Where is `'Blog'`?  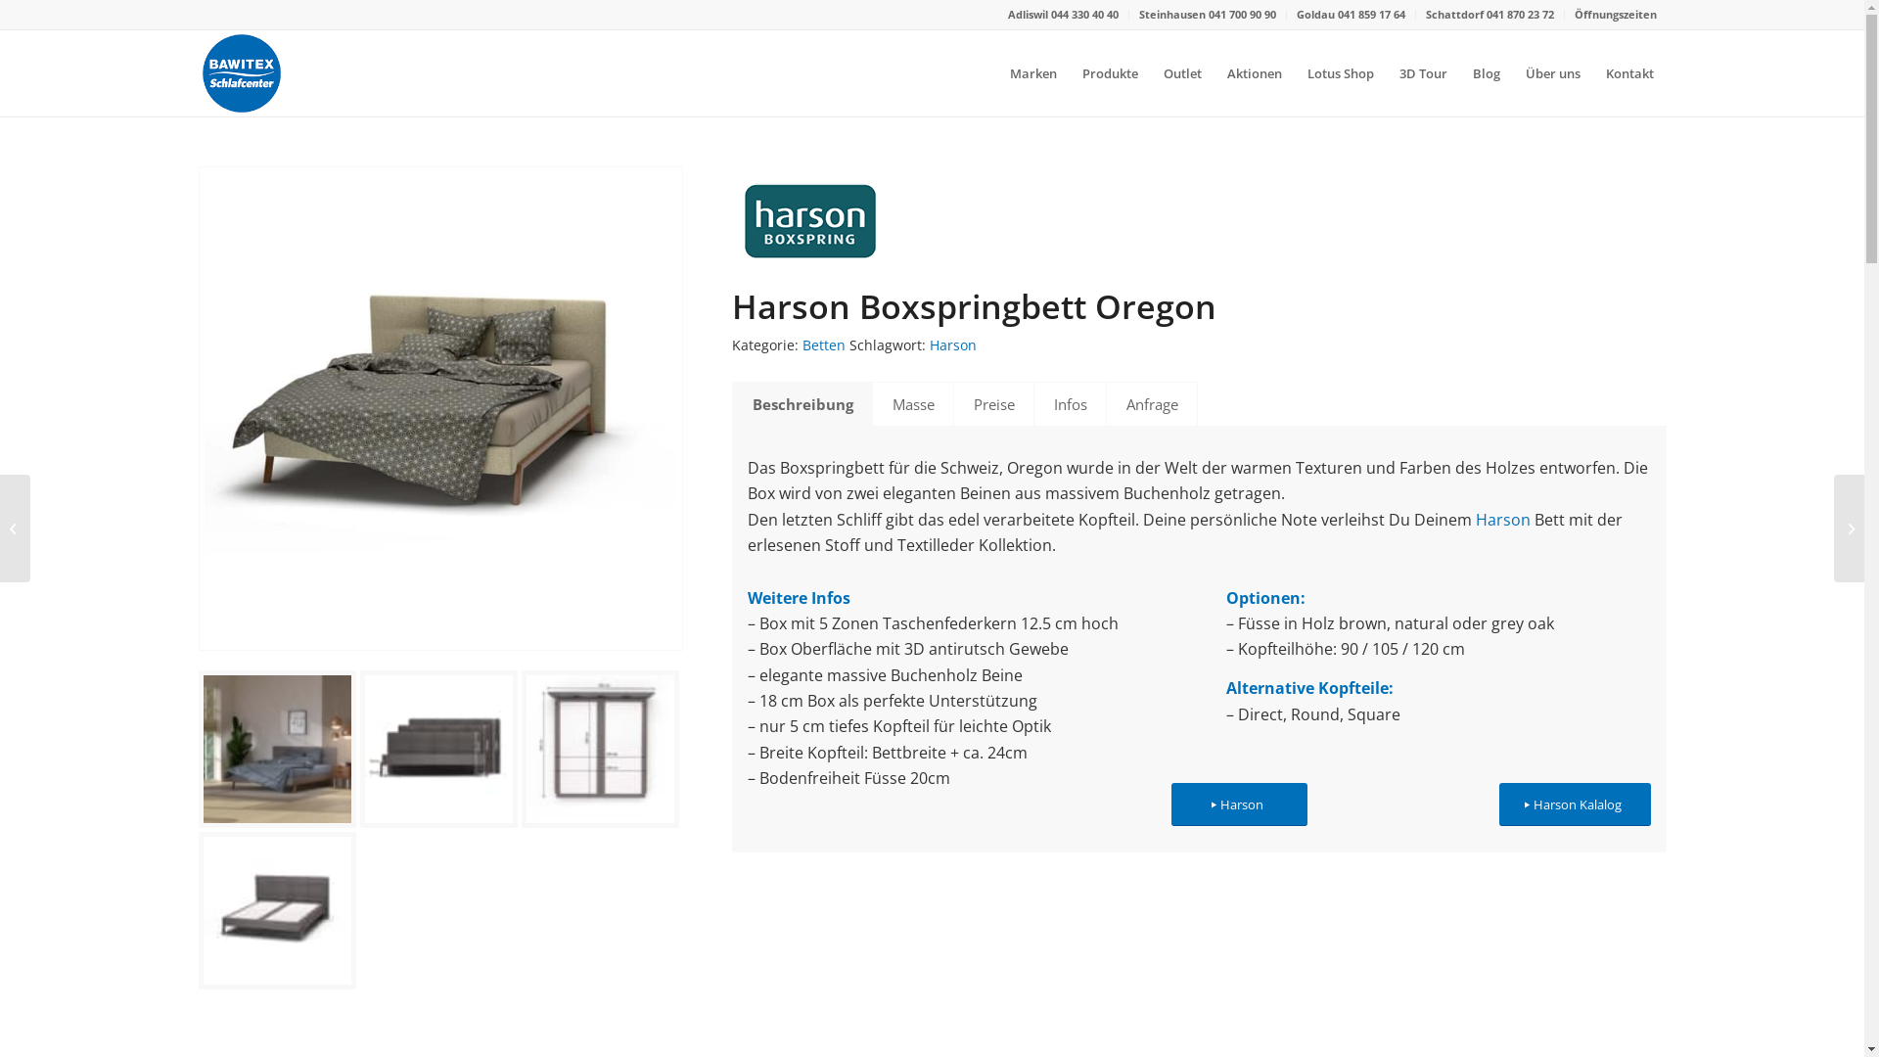 'Blog' is located at coordinates (1486, 71).